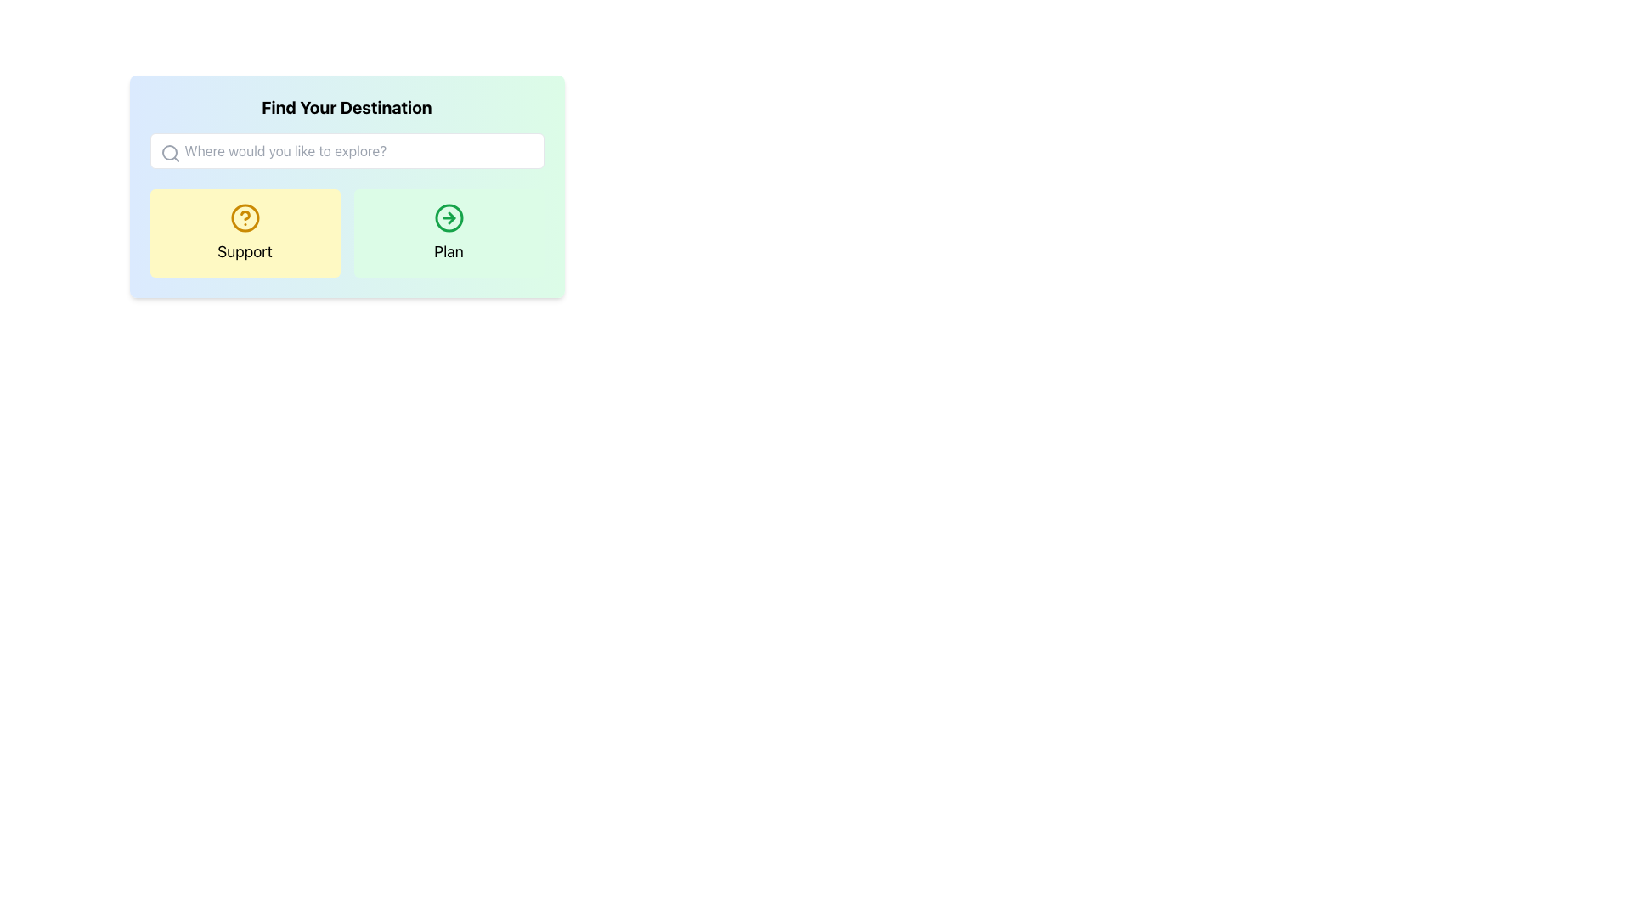 The width and height of the screenshot is (1631, 917). I want to click on the SVG Circle Element that represents the main circular part of the search icon, indicating the input field is for search or exploration purposes, so click(169, 153).